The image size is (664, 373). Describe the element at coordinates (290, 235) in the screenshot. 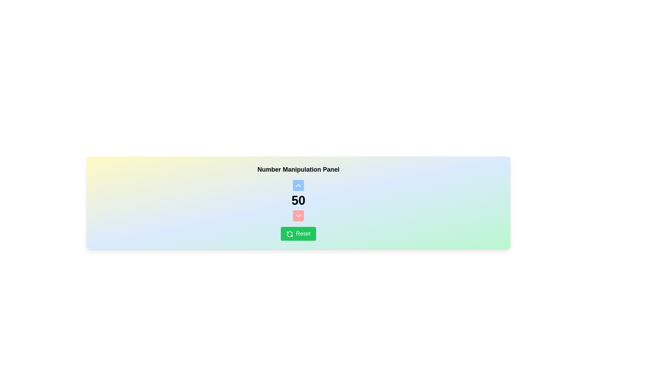

I see `the third subcomponent of the circular arrow icon indicating reset functionality, located centrally within the green 'Reset' button` at that location.